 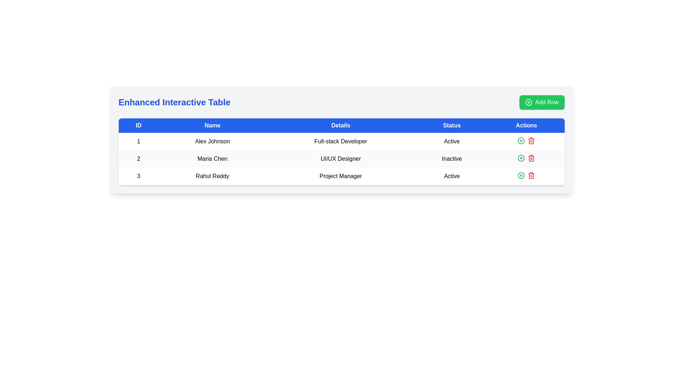 What do you see at coordinates (212, 141) in the screenshot?
I see `the text label displaying the name of the individual in the second column of the first row in the table` at bounding box center [212, 141].